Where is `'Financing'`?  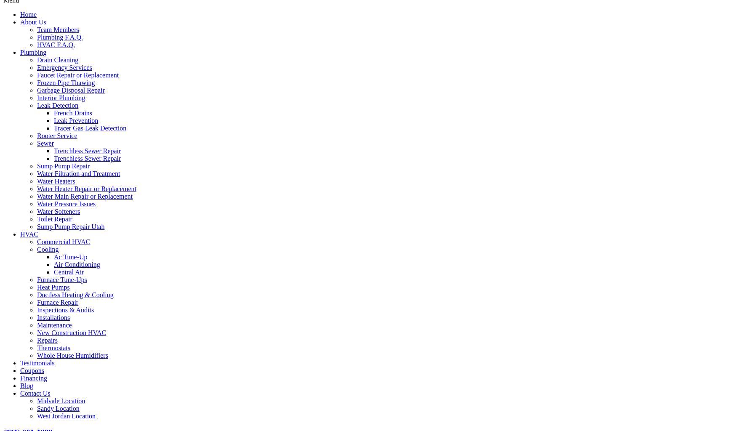 'Financing' is located at coordinates (33, 377).